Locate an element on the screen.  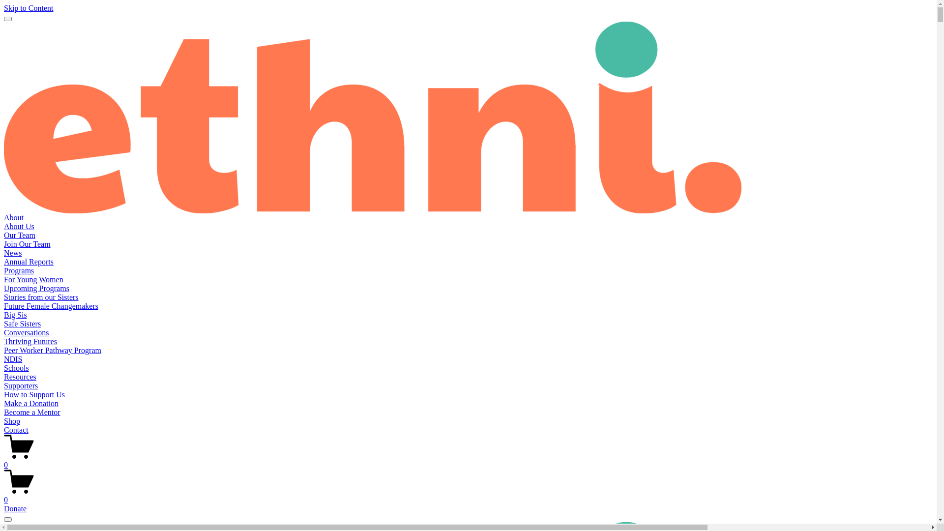
'Donate' is located at coordinates (15, 508).